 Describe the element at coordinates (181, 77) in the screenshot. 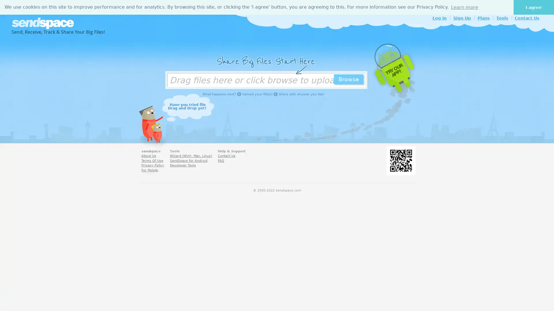

I see `Choose Files` at that location.